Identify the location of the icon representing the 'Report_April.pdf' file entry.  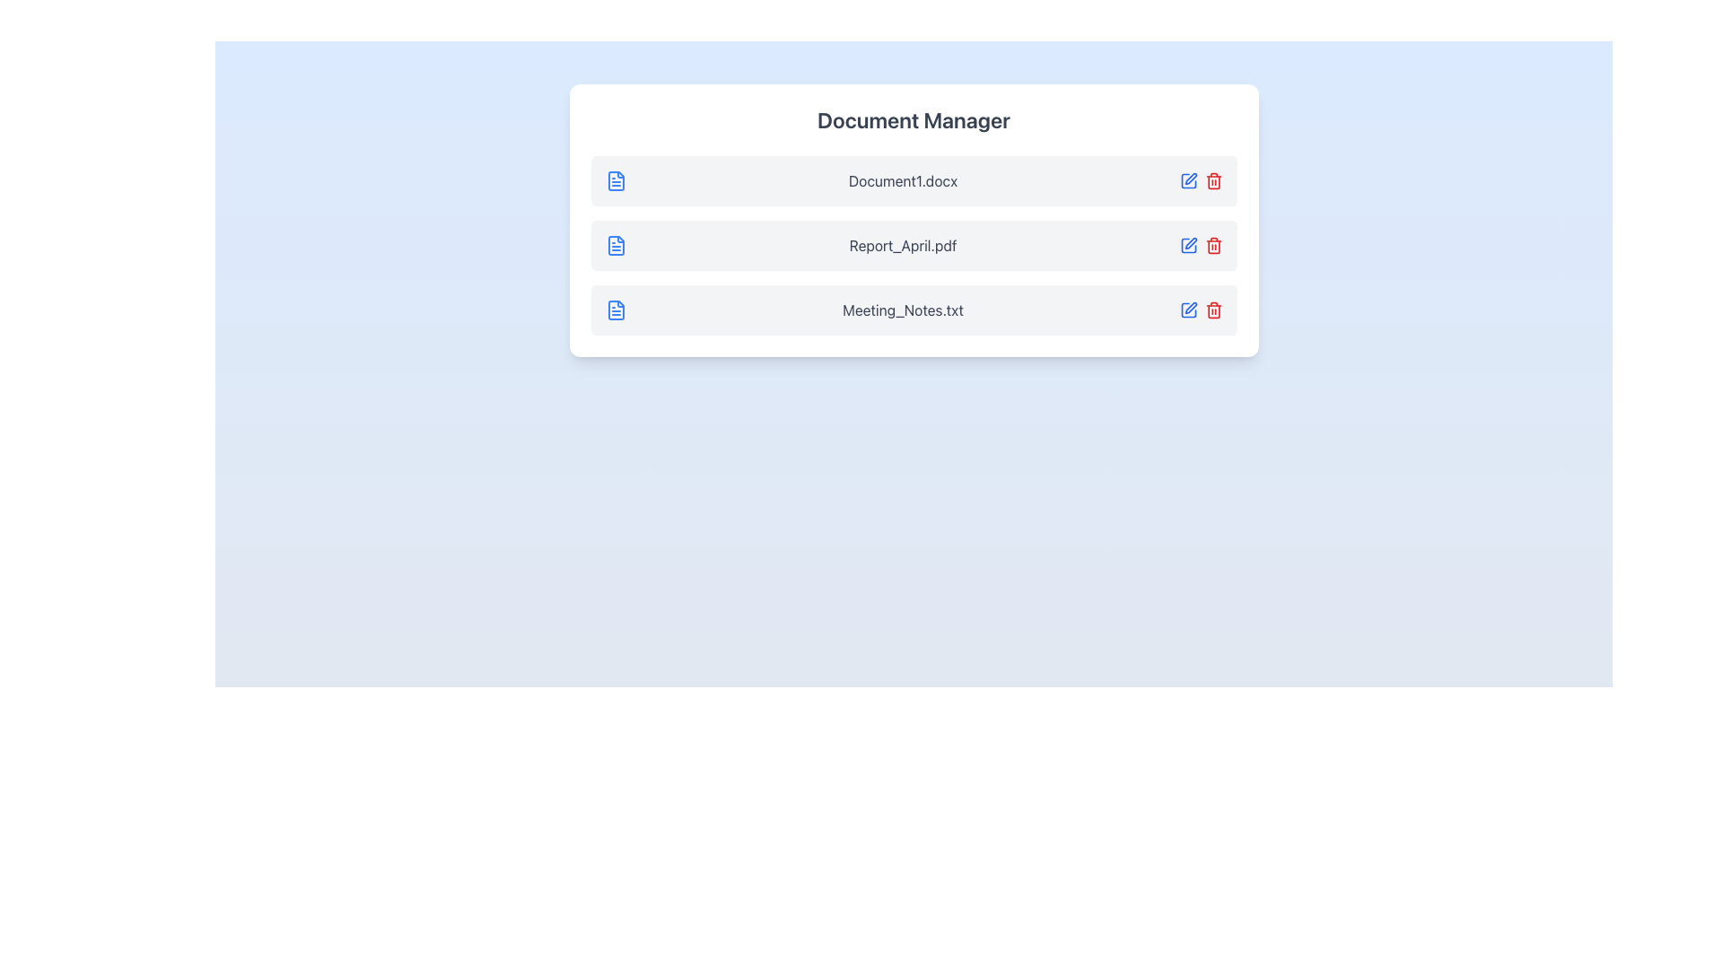
(616, 245).